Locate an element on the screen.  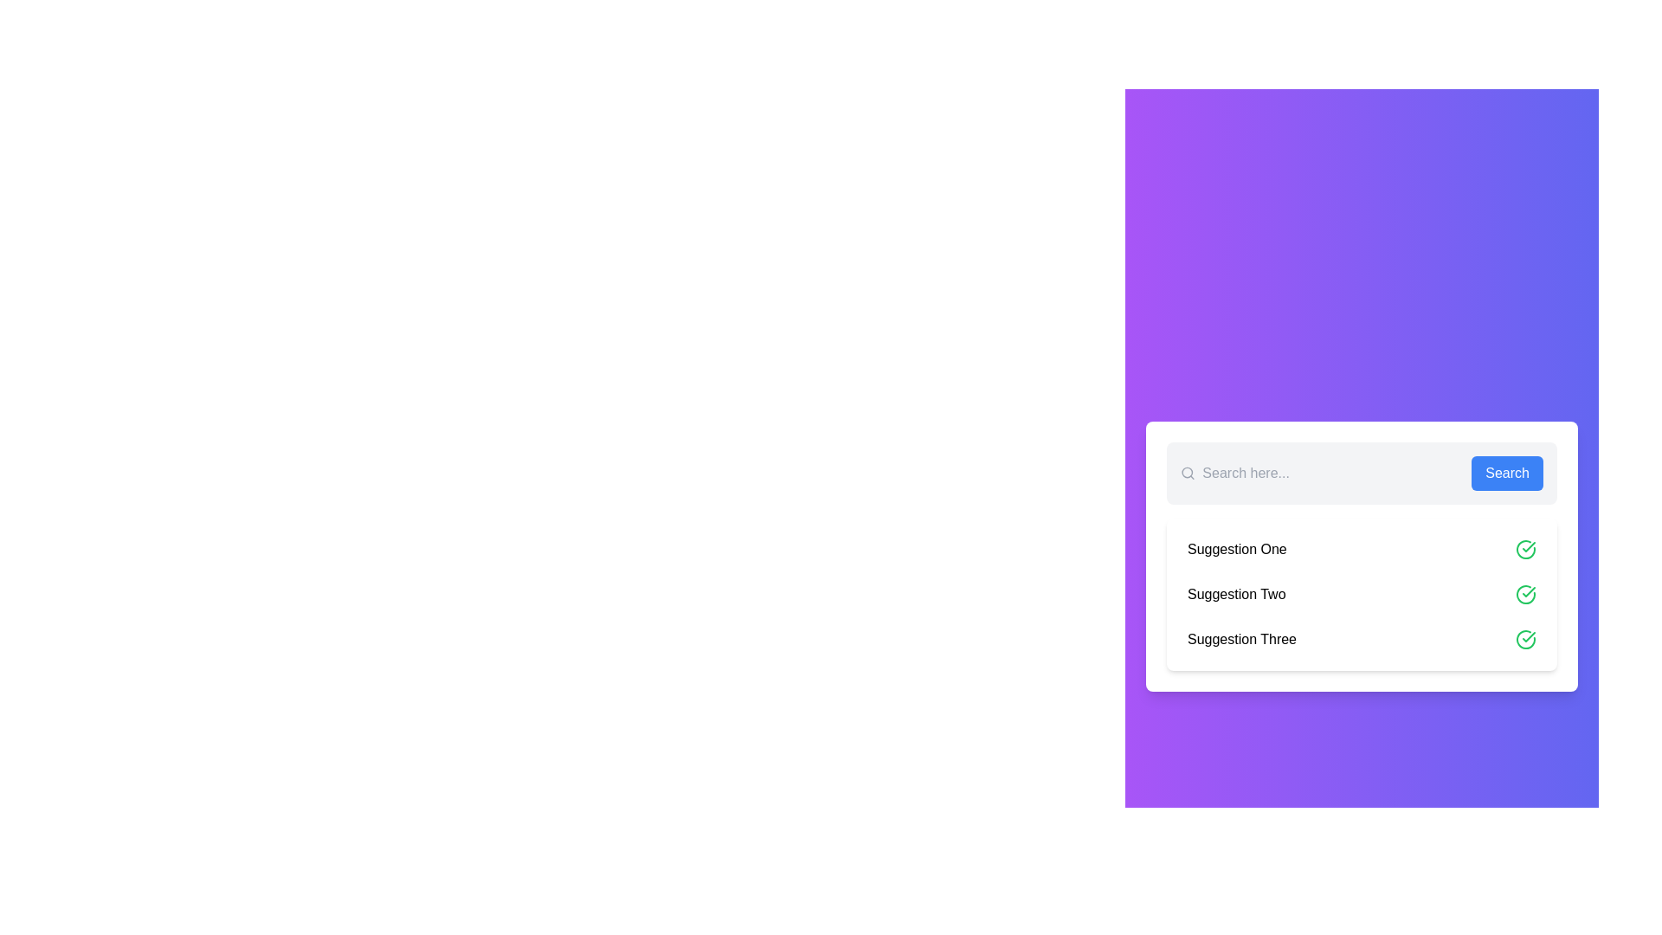
the Checkmark Icon located to the right of 'Suggestion Three' in the list, which serves as a confirmation or completion indicator is located at coordinates (1529, 637).